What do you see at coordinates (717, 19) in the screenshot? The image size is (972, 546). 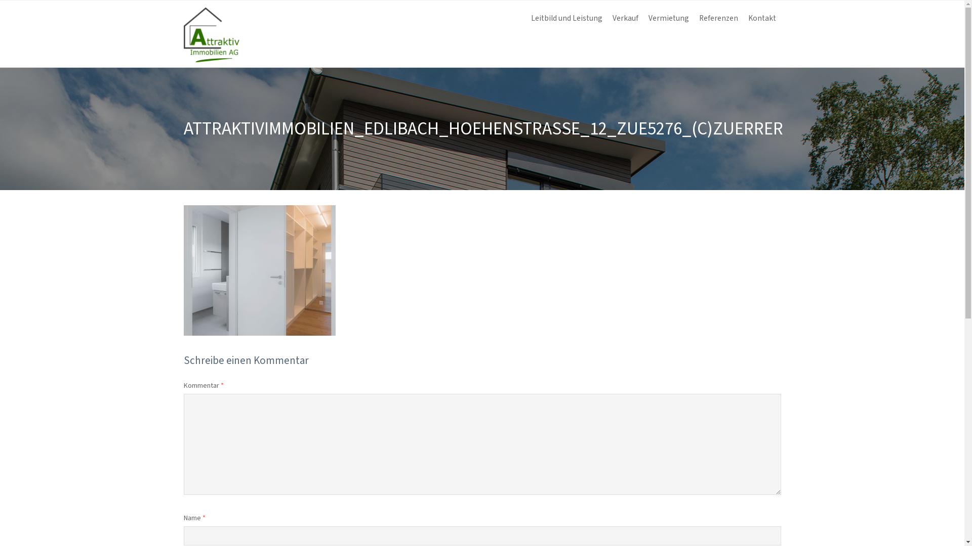 I see `'Referenzen'` at bounding box center [717, 19].